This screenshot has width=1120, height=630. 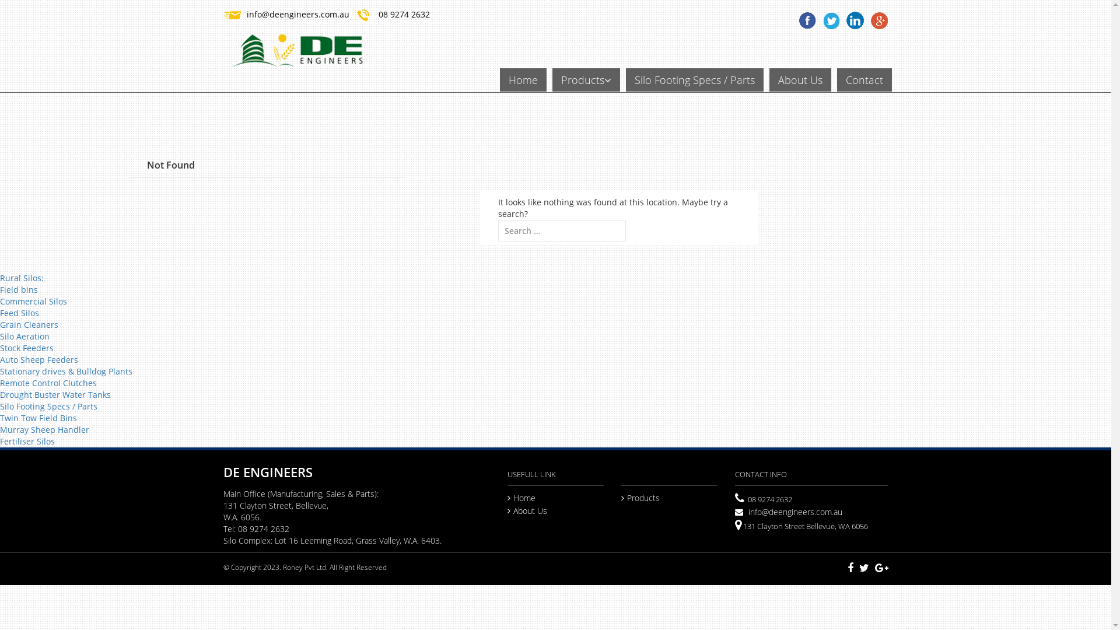 I want to click on 'Drought Buster Water Tanks', so click(x=55, y=394).